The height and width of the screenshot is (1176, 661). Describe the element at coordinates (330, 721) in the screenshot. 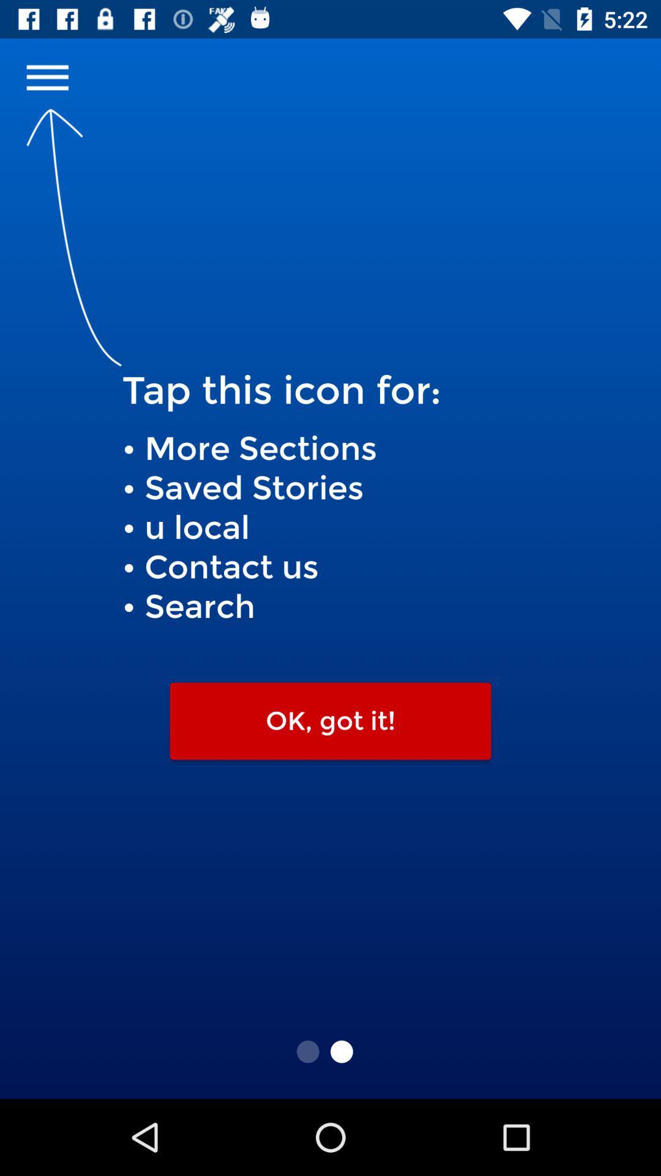

I see `ok, got it!` at that location.